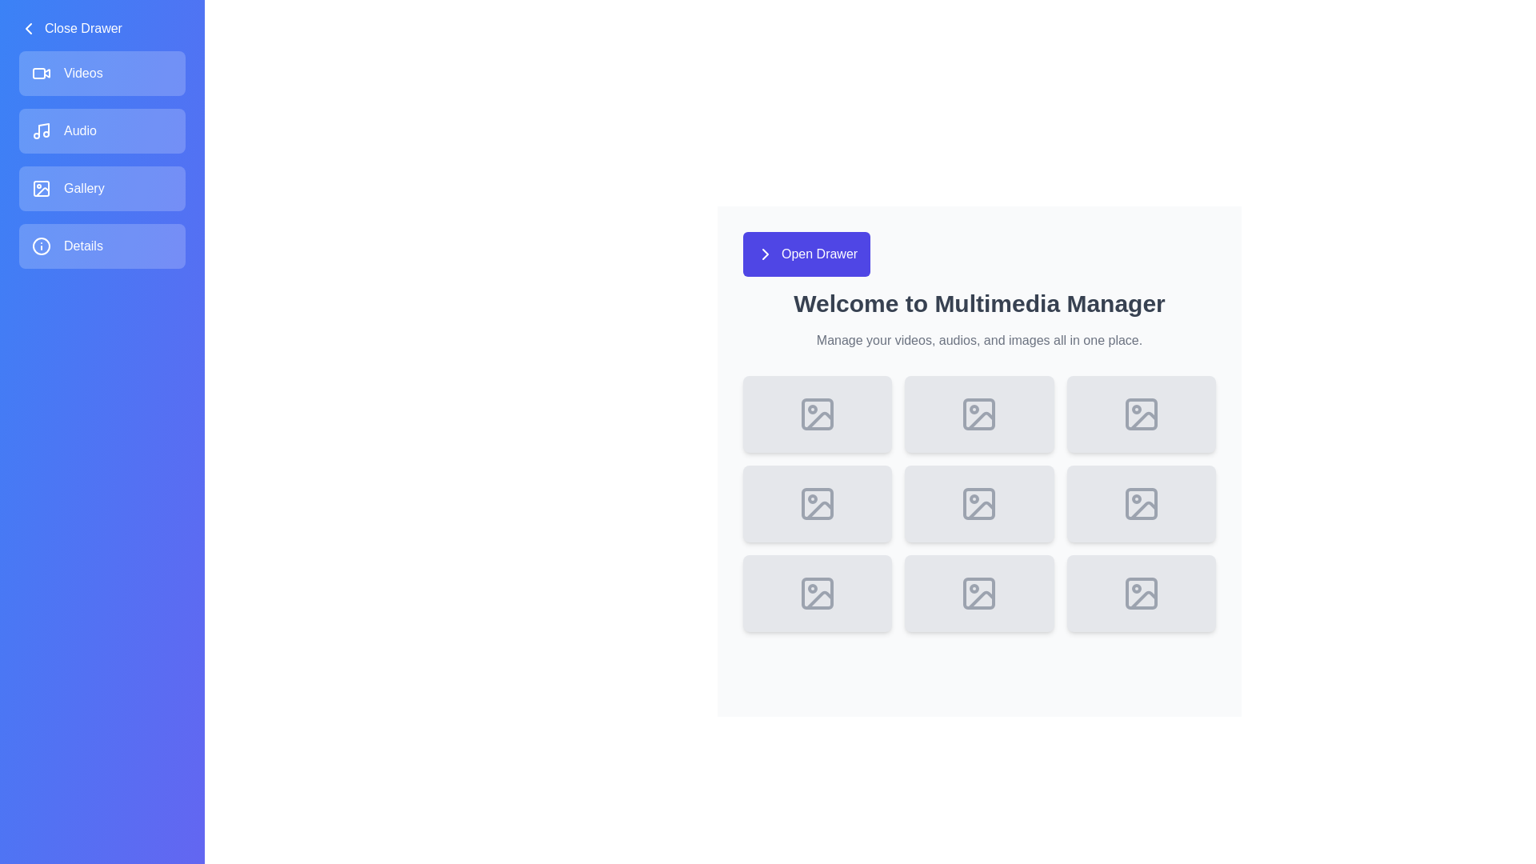 The width and height of the screenshot is (1536, 864). I want to click on 'Close Drawer' button to close the sidebar, so click(69, 28).